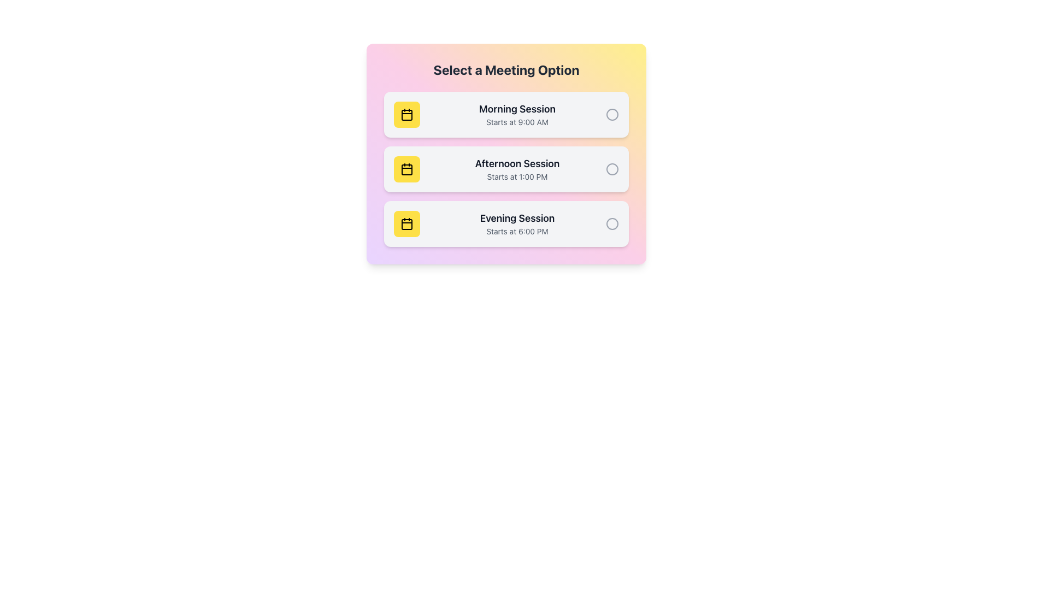 The width and height of the screenshot is (1049, 590). Describe the element at coordinates (612, 223) in the screenshot. I see `the gray circular icon located at the right end of the 'Evening Session' option` at that location.